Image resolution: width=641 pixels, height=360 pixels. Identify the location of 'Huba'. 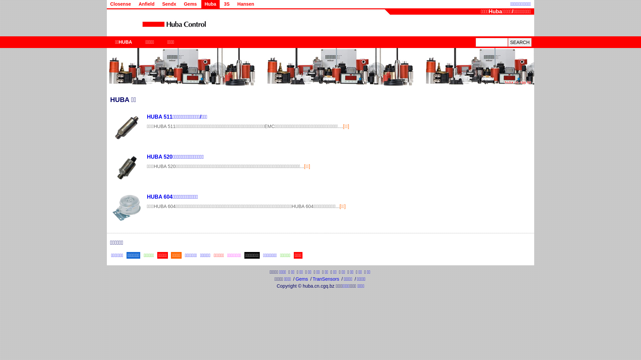
(210, 4).